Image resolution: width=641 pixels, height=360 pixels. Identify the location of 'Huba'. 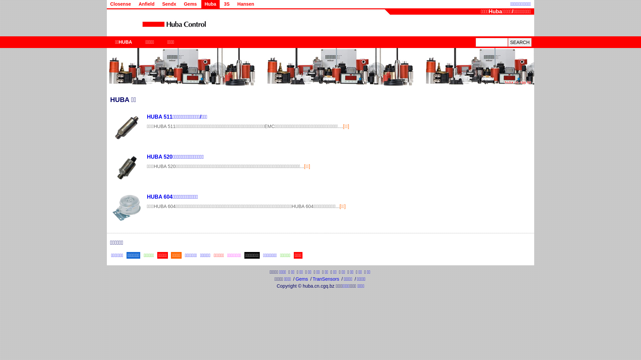
(210, 4).